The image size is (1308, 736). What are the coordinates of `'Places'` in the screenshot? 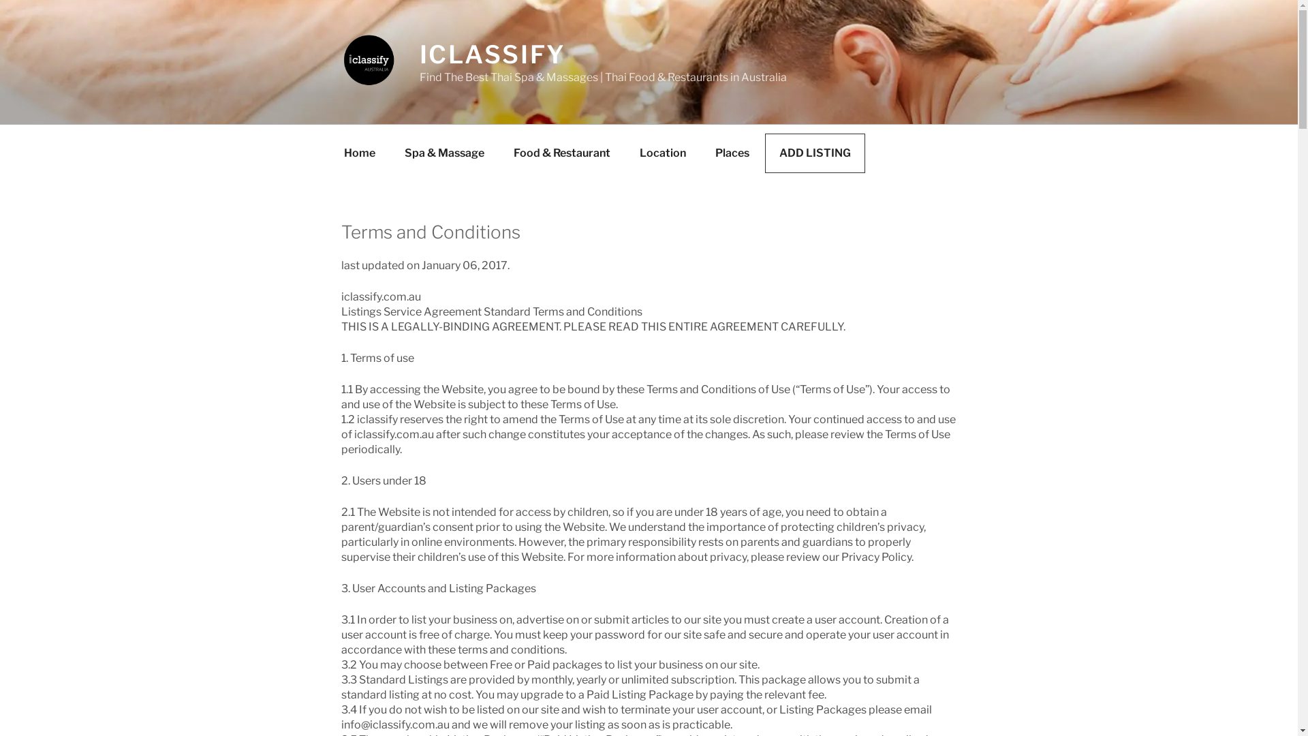 It's located at (702, 153).